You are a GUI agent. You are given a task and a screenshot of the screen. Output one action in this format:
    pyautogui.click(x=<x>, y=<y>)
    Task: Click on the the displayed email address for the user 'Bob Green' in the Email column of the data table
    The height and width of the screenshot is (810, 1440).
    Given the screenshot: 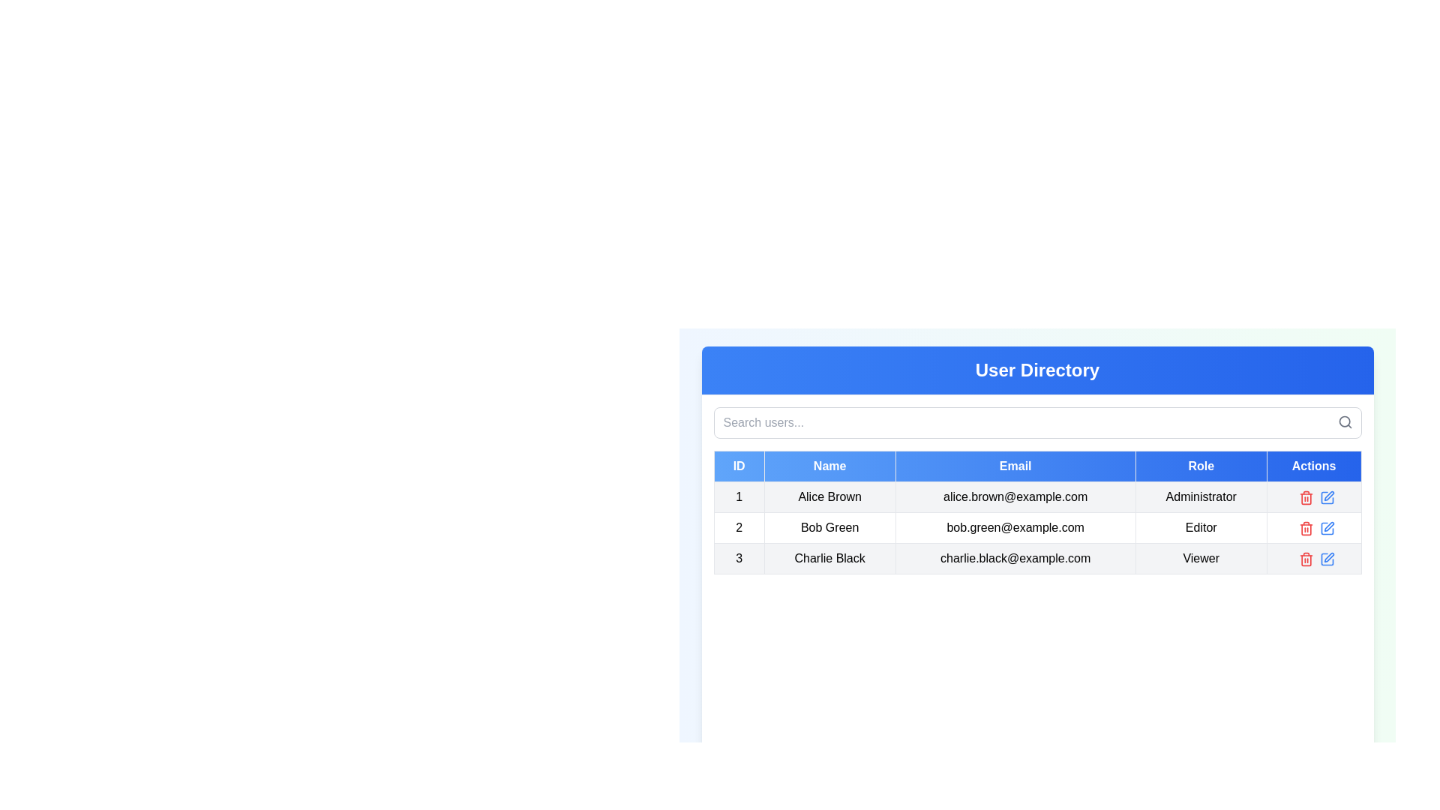 What is the action you would take?
    pyautogui.click(x=1015, y=527)
    